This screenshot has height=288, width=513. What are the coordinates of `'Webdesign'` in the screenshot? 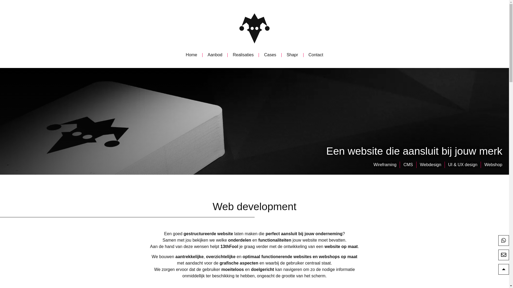 It's located at (431, 164).